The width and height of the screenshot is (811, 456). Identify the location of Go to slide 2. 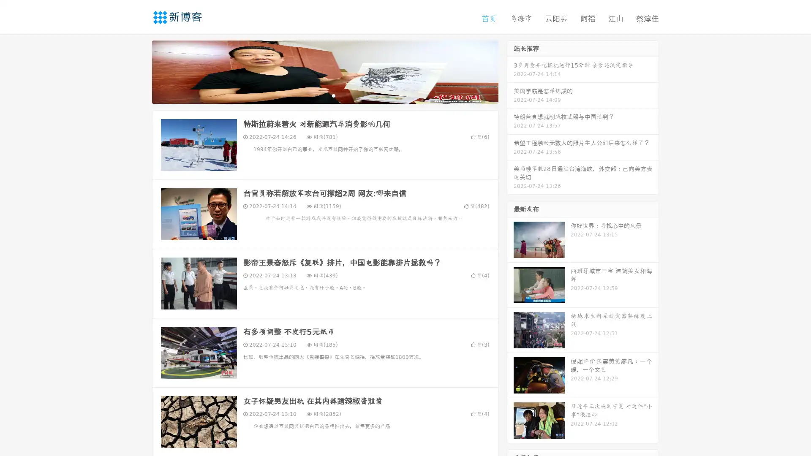
(324, 95).